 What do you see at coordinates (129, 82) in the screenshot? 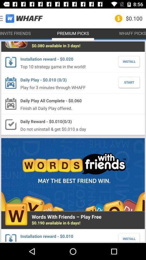
I see `the icon next to play for 3` at bounding box center [129, 82].